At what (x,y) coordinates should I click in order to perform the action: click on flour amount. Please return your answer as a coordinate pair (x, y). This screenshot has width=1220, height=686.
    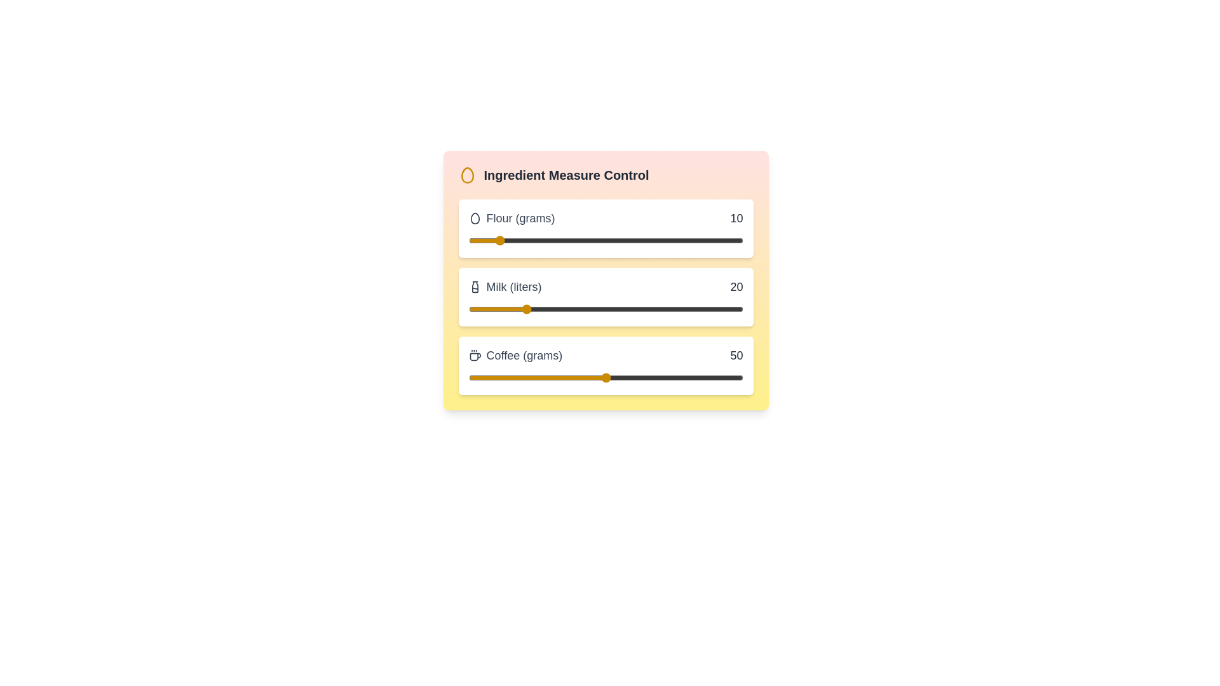
    Looking at the image, I should click on (578, 240).